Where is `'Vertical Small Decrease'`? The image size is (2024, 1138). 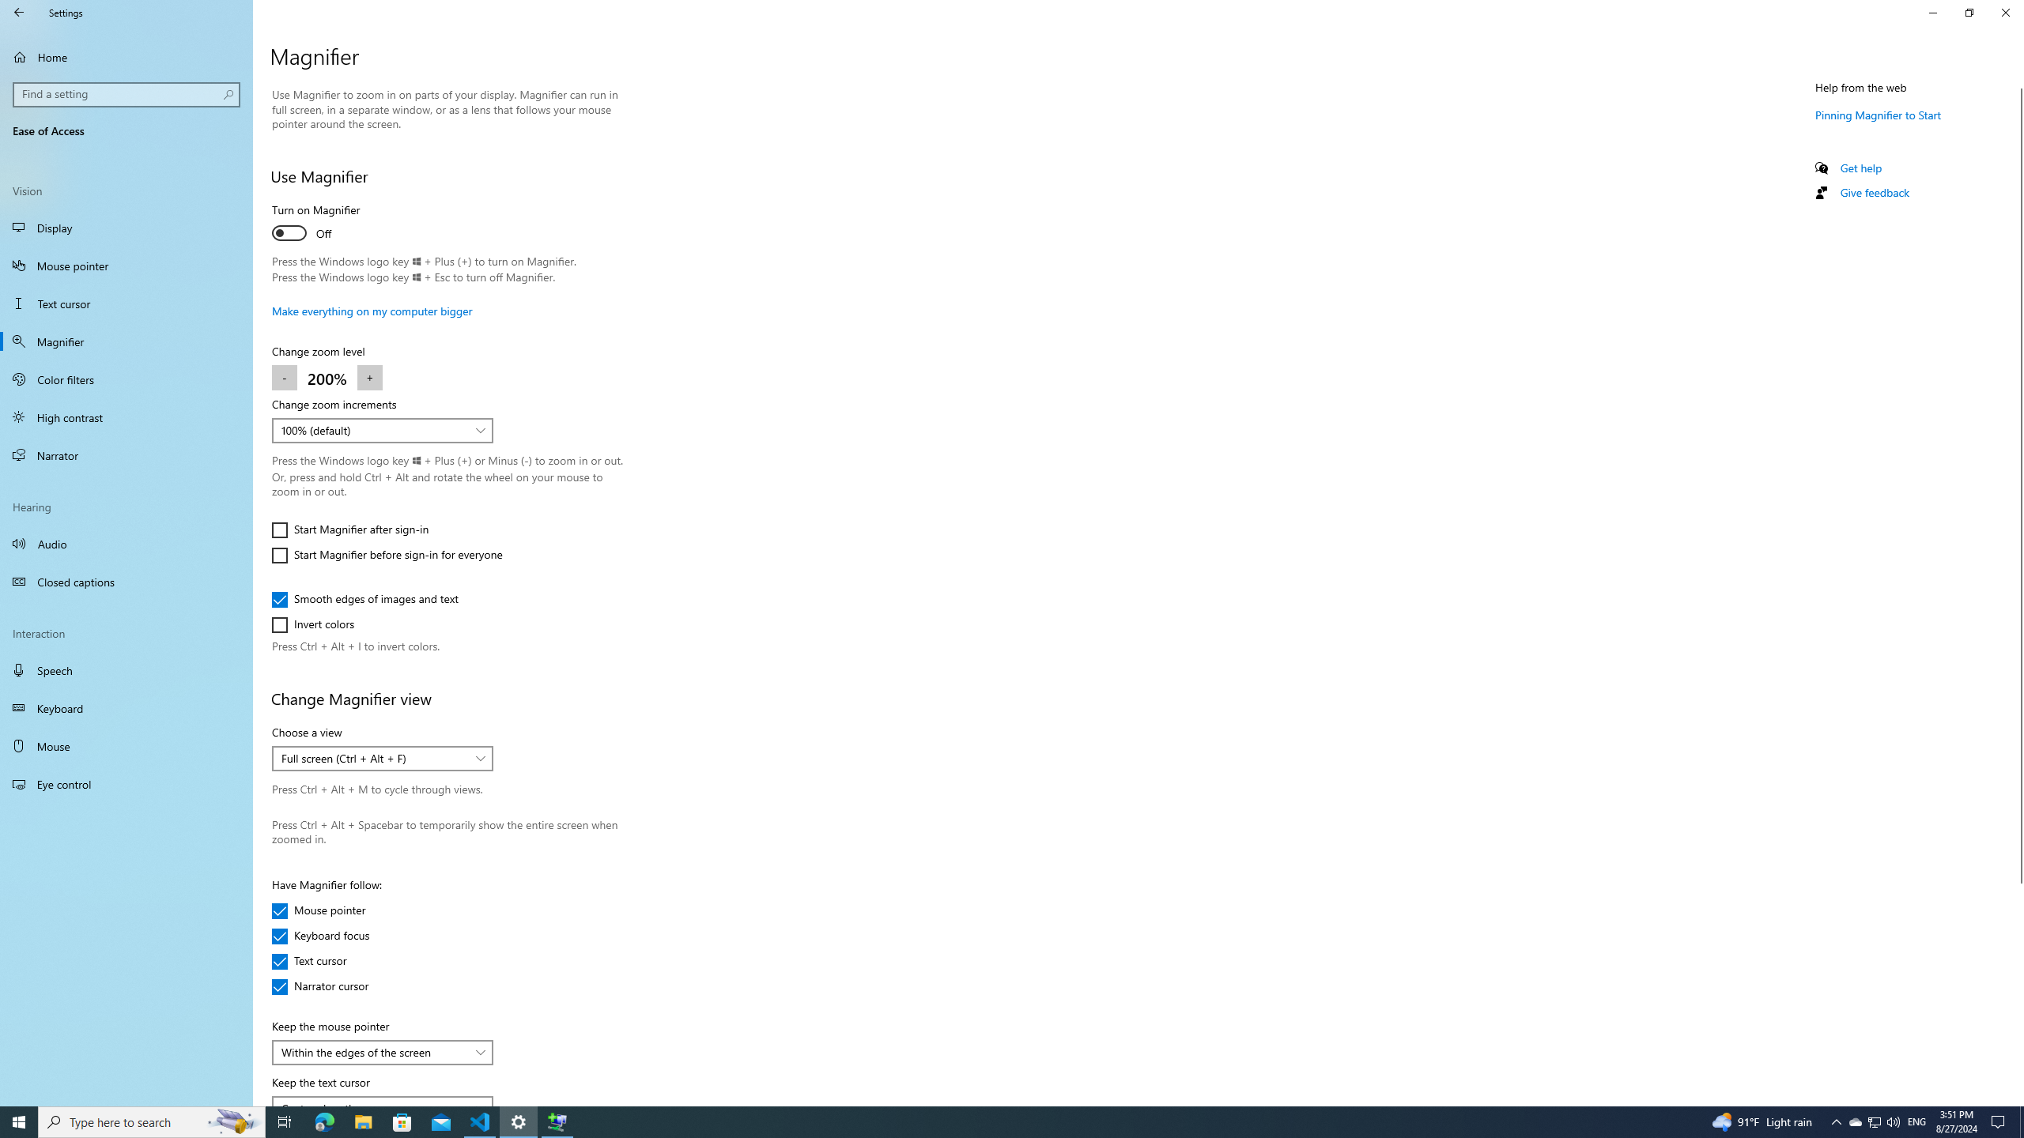 'Vertical Small Decrease' is located at coordinates (2017, 81).